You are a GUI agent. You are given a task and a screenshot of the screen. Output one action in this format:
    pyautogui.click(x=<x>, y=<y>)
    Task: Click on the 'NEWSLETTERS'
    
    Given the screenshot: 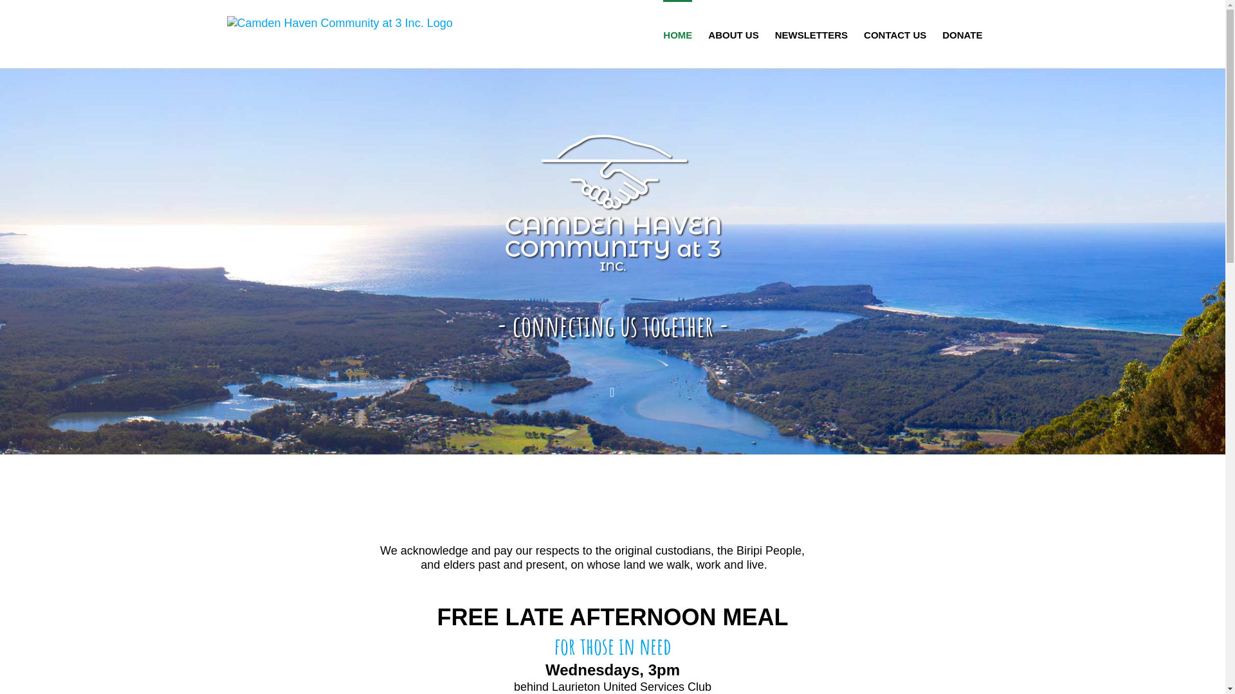 What is the action you would take?
    pyautogui.click(x=810, y=33)
    